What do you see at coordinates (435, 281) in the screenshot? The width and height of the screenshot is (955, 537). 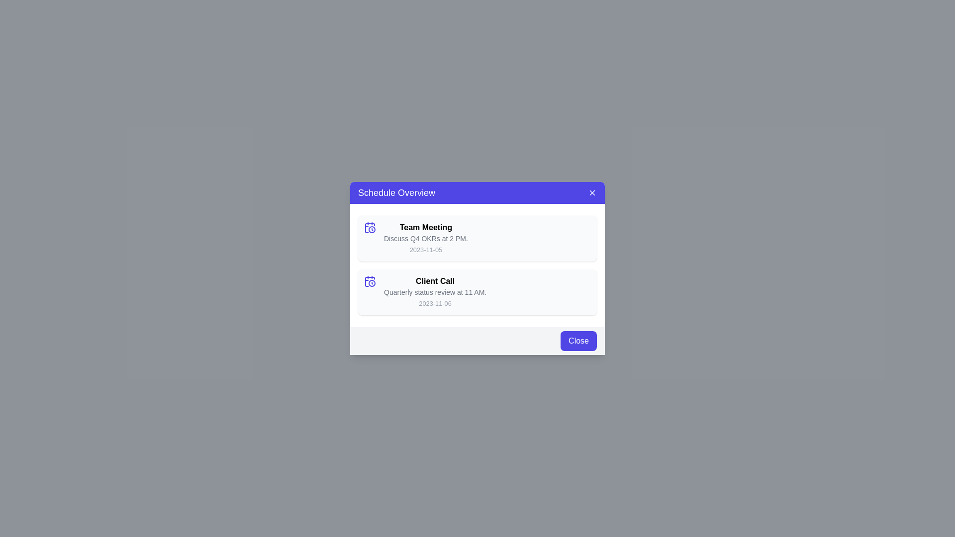 I see `the Text Label that serves as the title for the 'Client Call' event entry, which is positioned above the description text and the date in the 'Schedule Overview' modal` at bounding box center [435, 281].